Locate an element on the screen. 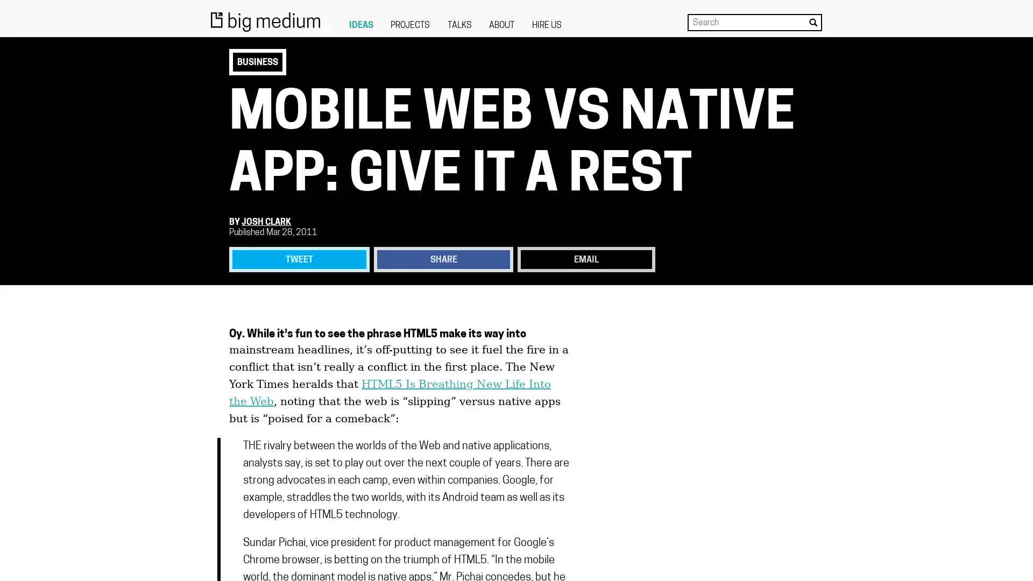 This screenshot has height=581, width=1033. Search is located at coordinates (813, 22).